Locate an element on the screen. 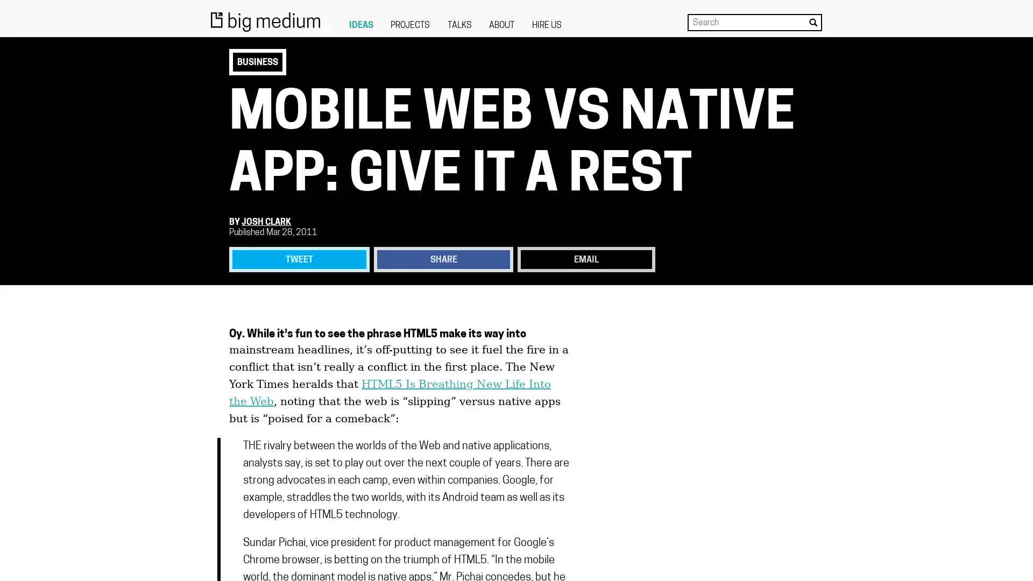 This screenshot has height=581, width=1033. Search is located at coordinates (813, 22).